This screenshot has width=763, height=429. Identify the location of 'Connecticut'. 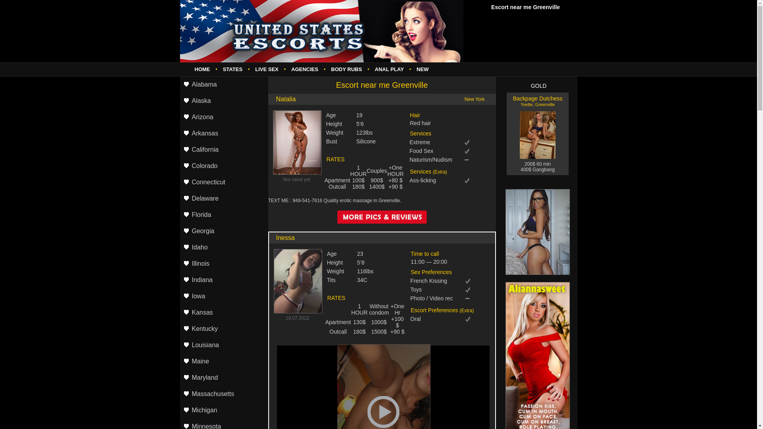
(223, 182).